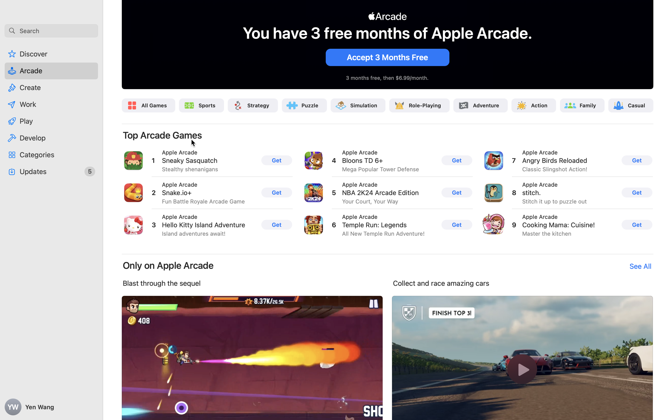 The height and width of the screenshot is (420, 672). Describe the element at coordinates (486, 105) in the screenshot. I see `'Adventure'` at that location.